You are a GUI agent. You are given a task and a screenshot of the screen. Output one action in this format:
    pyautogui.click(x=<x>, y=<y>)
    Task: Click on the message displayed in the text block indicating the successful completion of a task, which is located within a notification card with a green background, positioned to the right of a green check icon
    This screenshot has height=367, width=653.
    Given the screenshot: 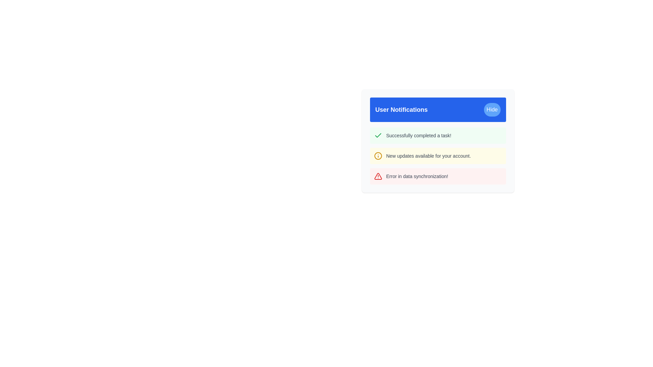 What is the action you would take?
    pyautogui.click(x=418, y=135)
    